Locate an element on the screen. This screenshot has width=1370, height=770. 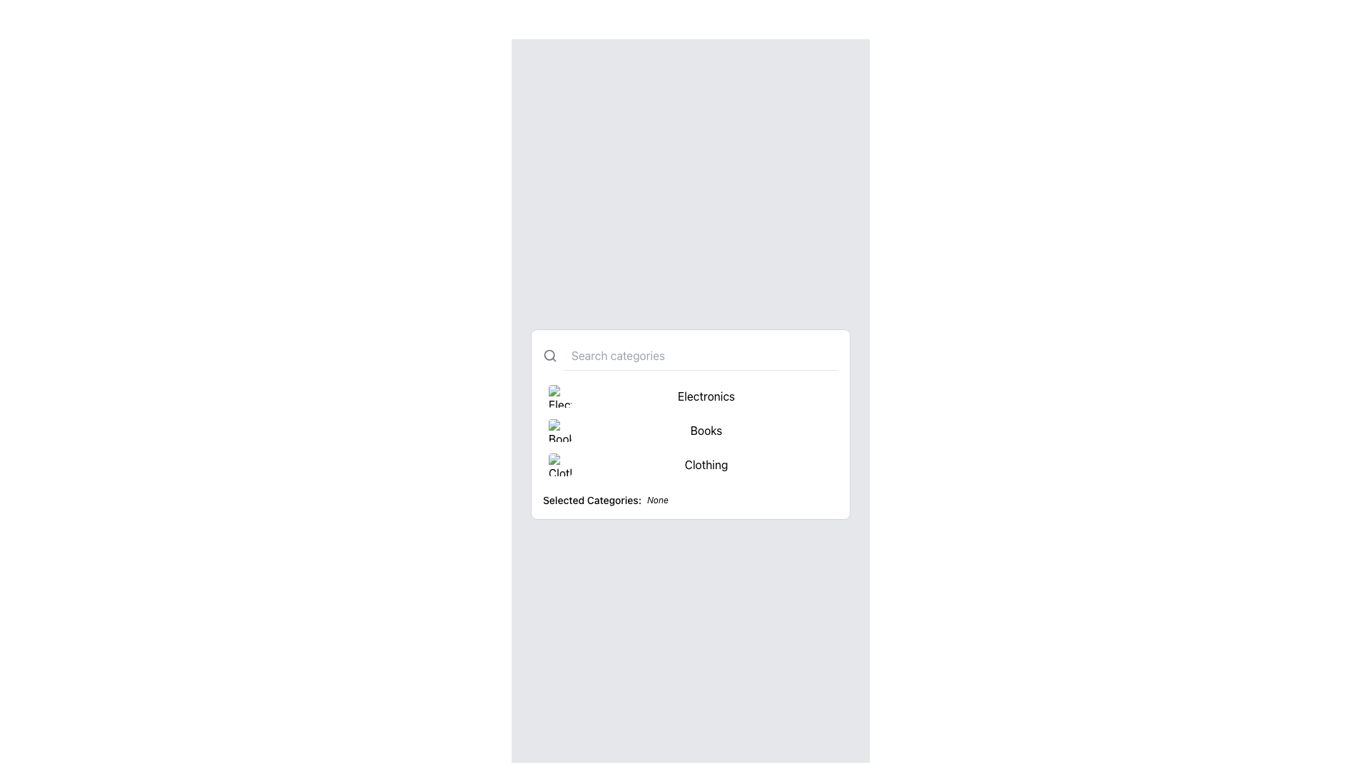
the rounded icon representing 'Clothing', which is located to the left of the text label 'Clothing' in a horizontal layout is located at coordinates (559, 464).